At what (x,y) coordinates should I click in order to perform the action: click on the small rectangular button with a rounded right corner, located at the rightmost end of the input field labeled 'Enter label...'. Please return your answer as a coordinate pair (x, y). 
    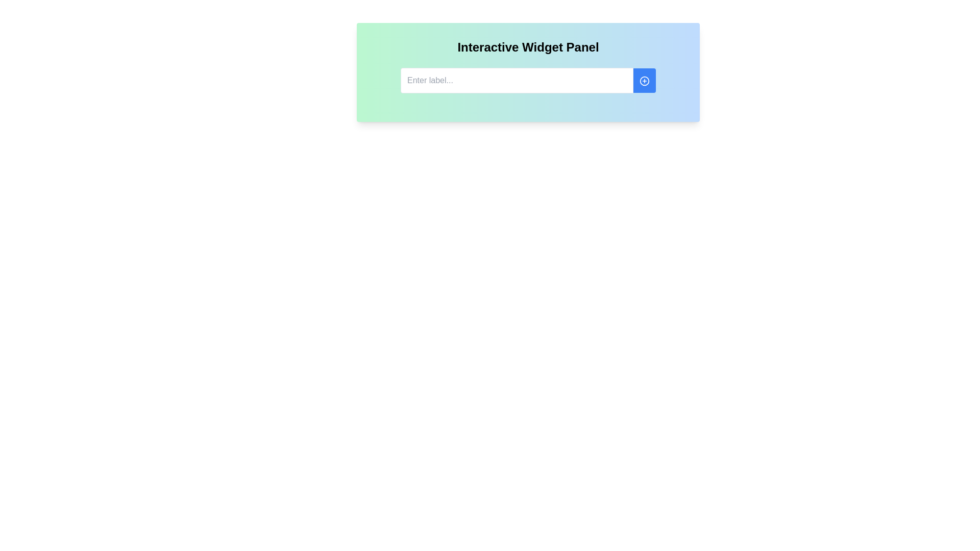
    Looking at the image, I should click on (644, 80).